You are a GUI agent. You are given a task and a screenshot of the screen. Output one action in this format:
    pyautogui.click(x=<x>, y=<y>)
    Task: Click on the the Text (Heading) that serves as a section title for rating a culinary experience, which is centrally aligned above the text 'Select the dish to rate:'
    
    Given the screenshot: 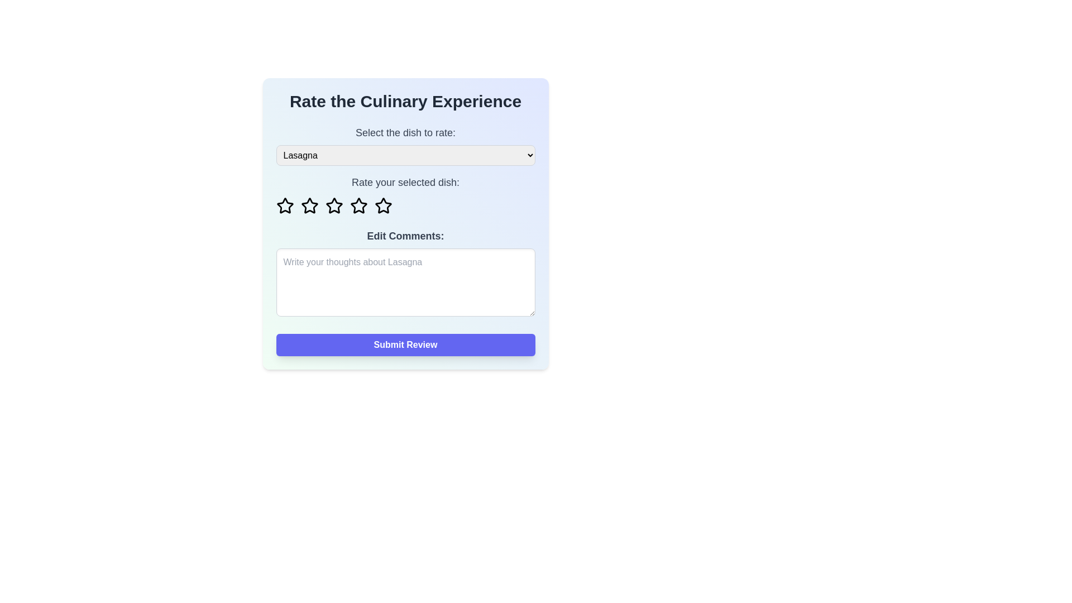 What is the action you would take?
    pyautogui.click(x=405, y=101)
    